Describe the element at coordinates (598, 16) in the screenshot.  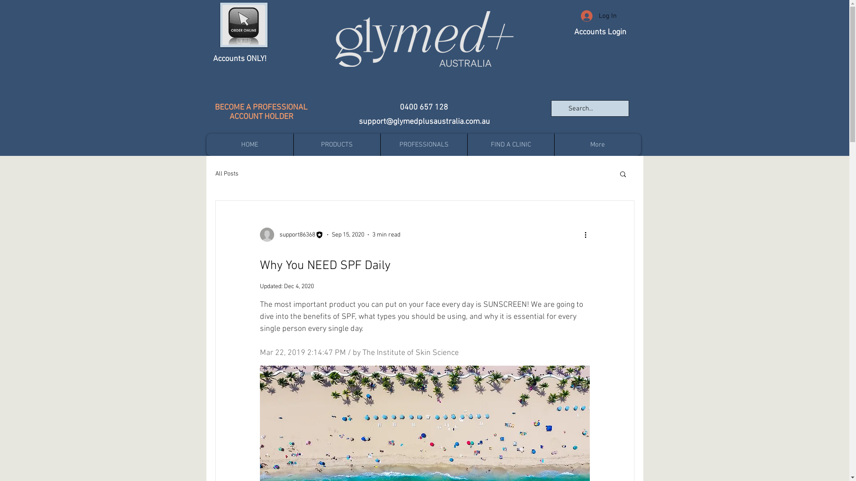
I see `'Log In'` at that location.